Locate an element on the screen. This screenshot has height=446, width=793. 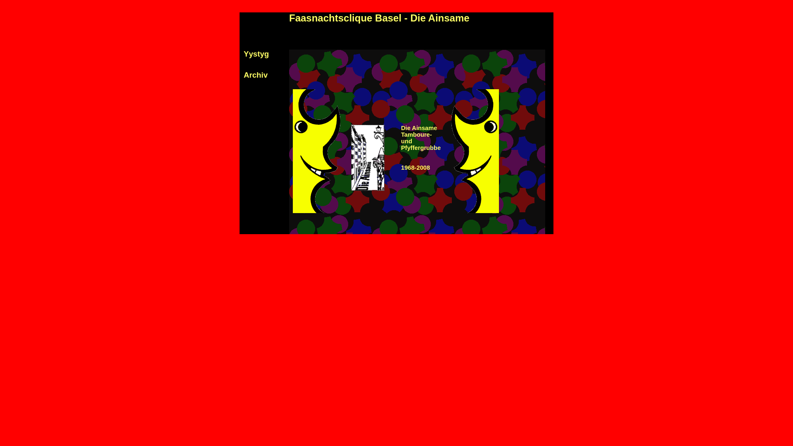
'Yystyg' is located at coordinates (256, 54).